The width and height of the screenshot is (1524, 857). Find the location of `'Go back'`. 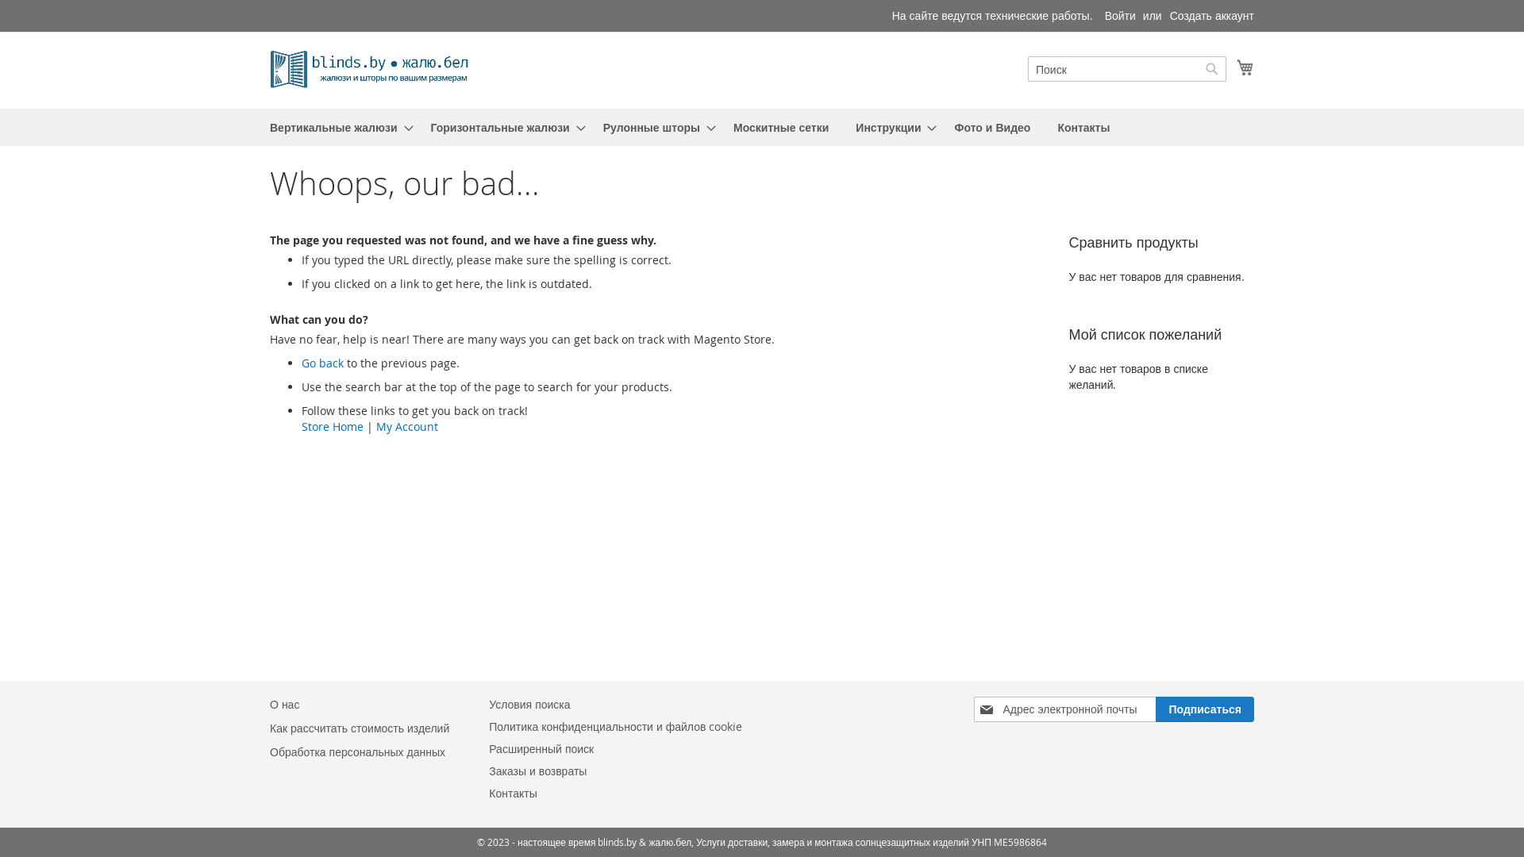

'Go back' is located at coordinates (321, 363).